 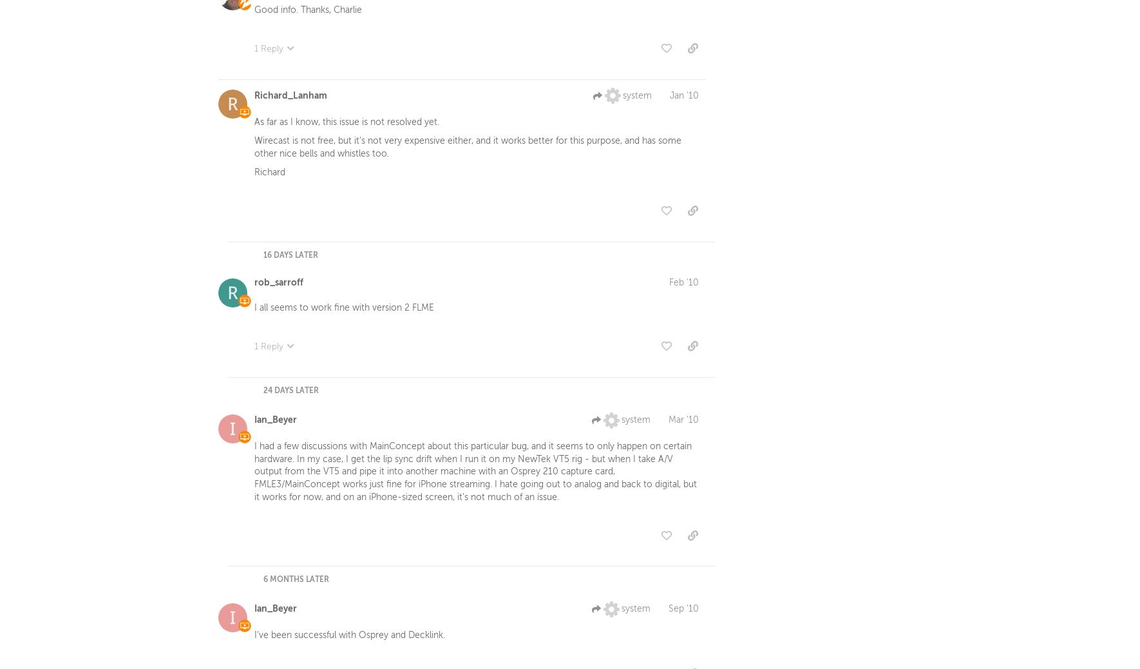 What do you see at coordinates (263, 581) in the screenshot?
I see `'6 months later'` at bounding box center [263, 581].